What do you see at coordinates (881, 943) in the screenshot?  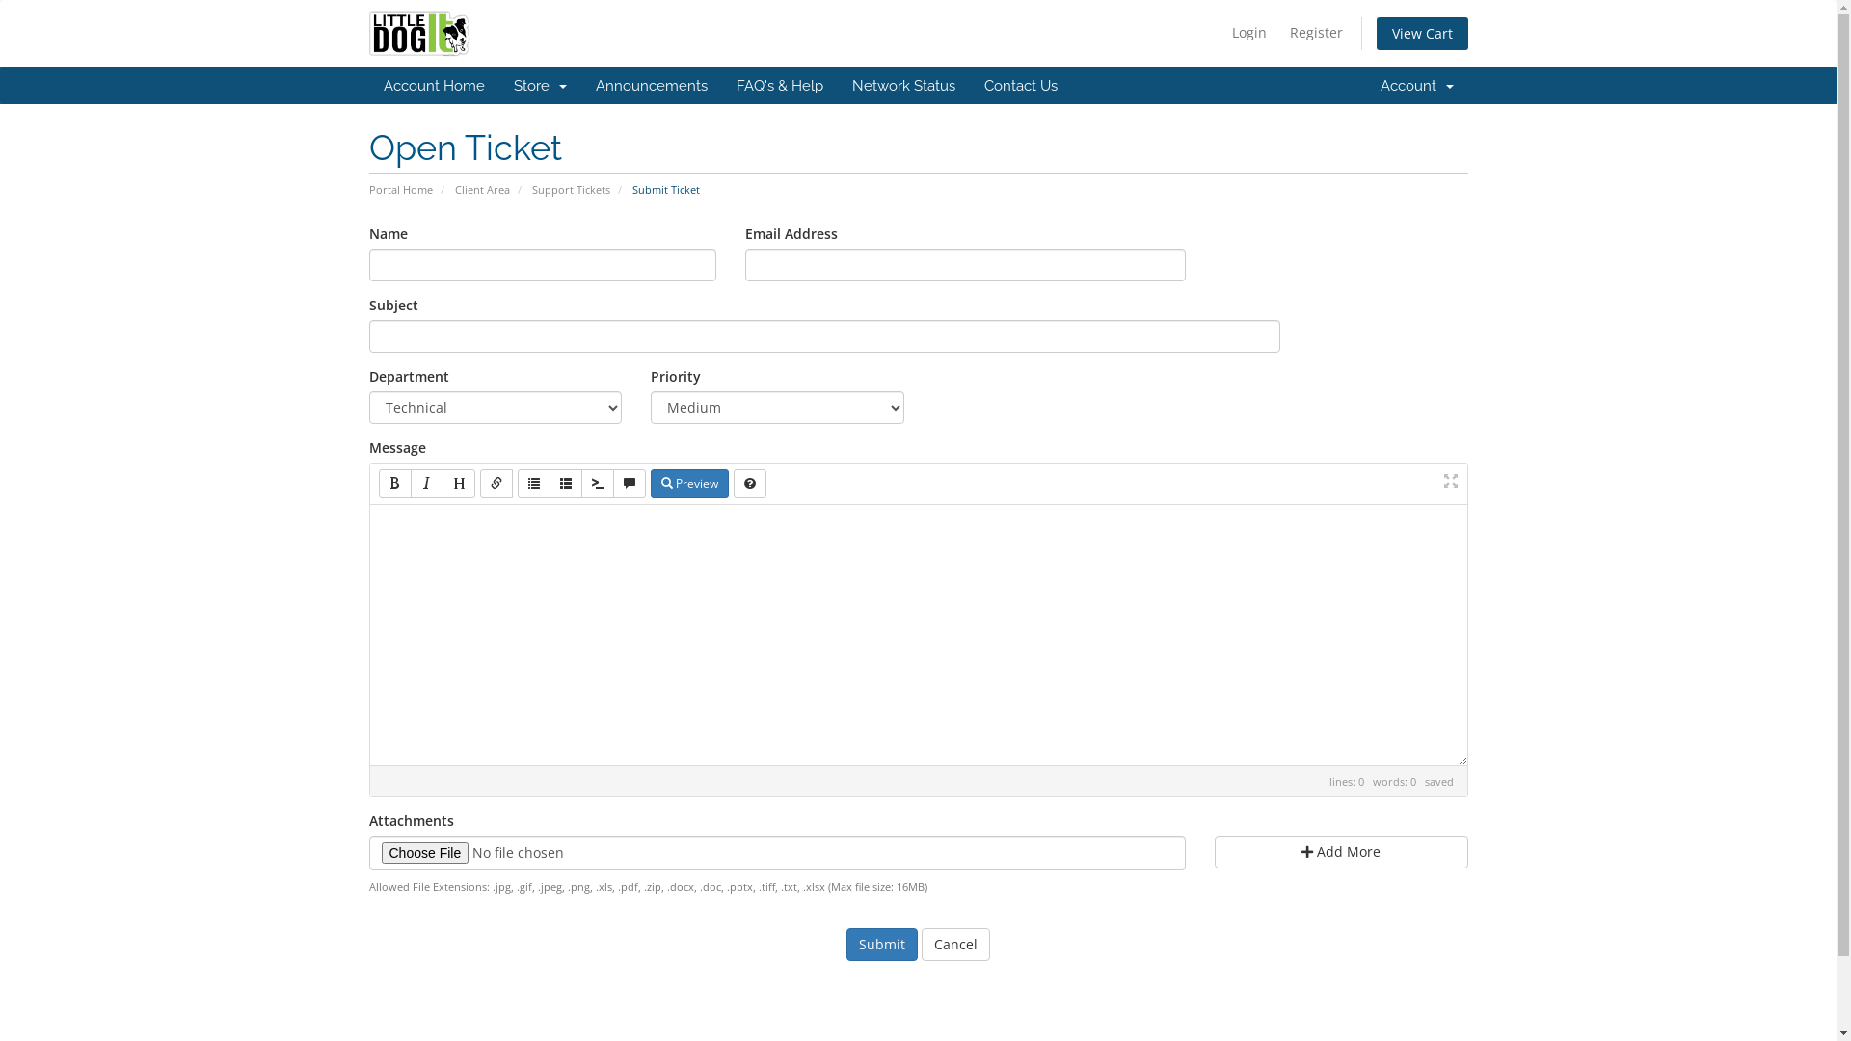 I see `'Submit'` at bounding box center [881, 943].